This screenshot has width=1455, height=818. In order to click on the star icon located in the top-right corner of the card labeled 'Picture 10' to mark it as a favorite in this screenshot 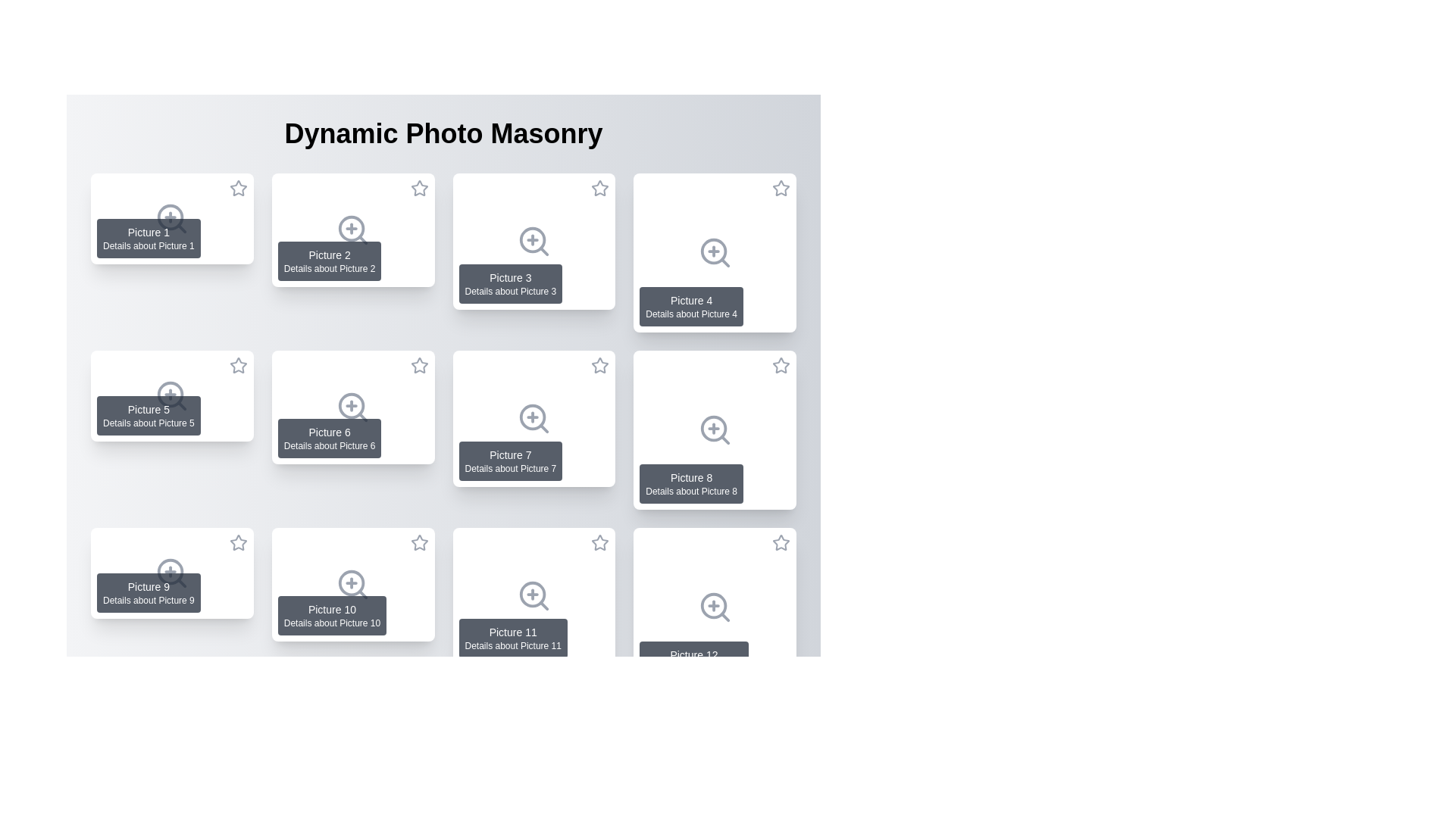, I will do `click(419, 542)`.